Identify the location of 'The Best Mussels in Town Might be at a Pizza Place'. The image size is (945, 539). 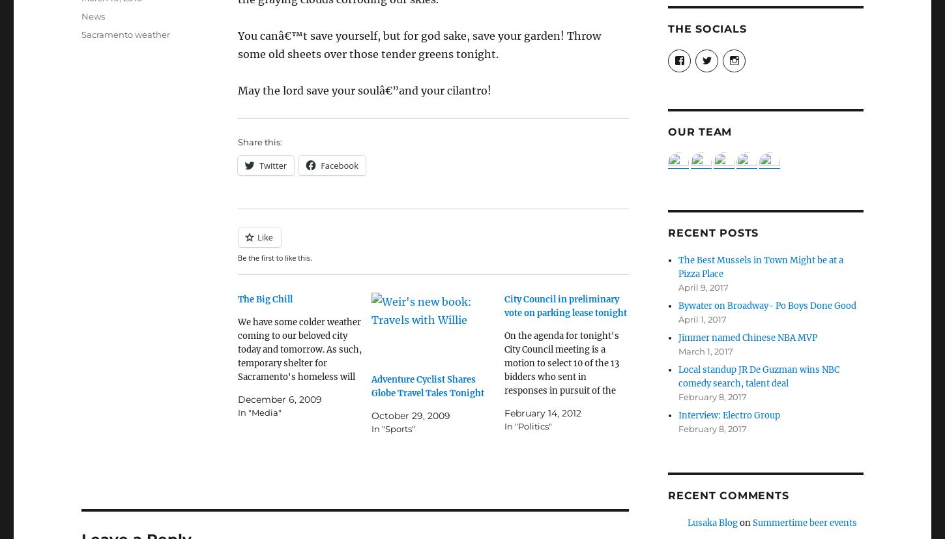
(760, 267).